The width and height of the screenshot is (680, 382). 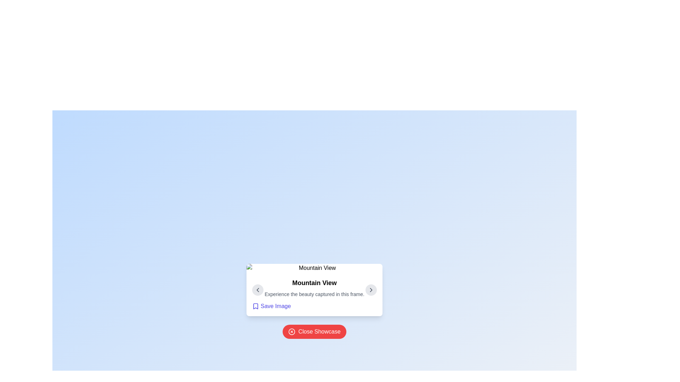 What do you see at coordinates (257, 290) in the screenshot?
I see `the SVG icon embedded in the button on the left side of the descriptive card` at bounding box center [257, 290].